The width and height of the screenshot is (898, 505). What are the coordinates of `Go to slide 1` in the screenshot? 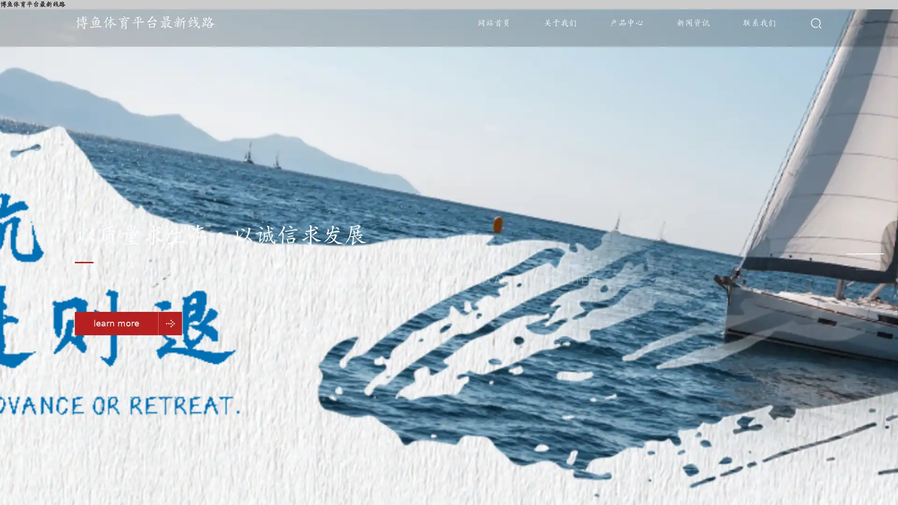 It's located at (864, 254).